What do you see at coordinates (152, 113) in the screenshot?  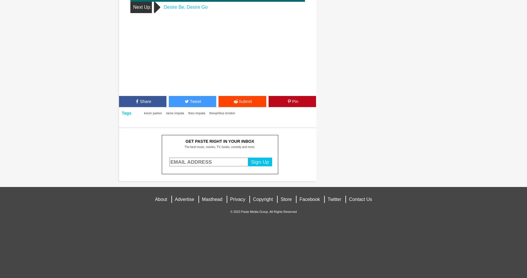 I see `'kevin parker'` at bounding box center [152, 113].